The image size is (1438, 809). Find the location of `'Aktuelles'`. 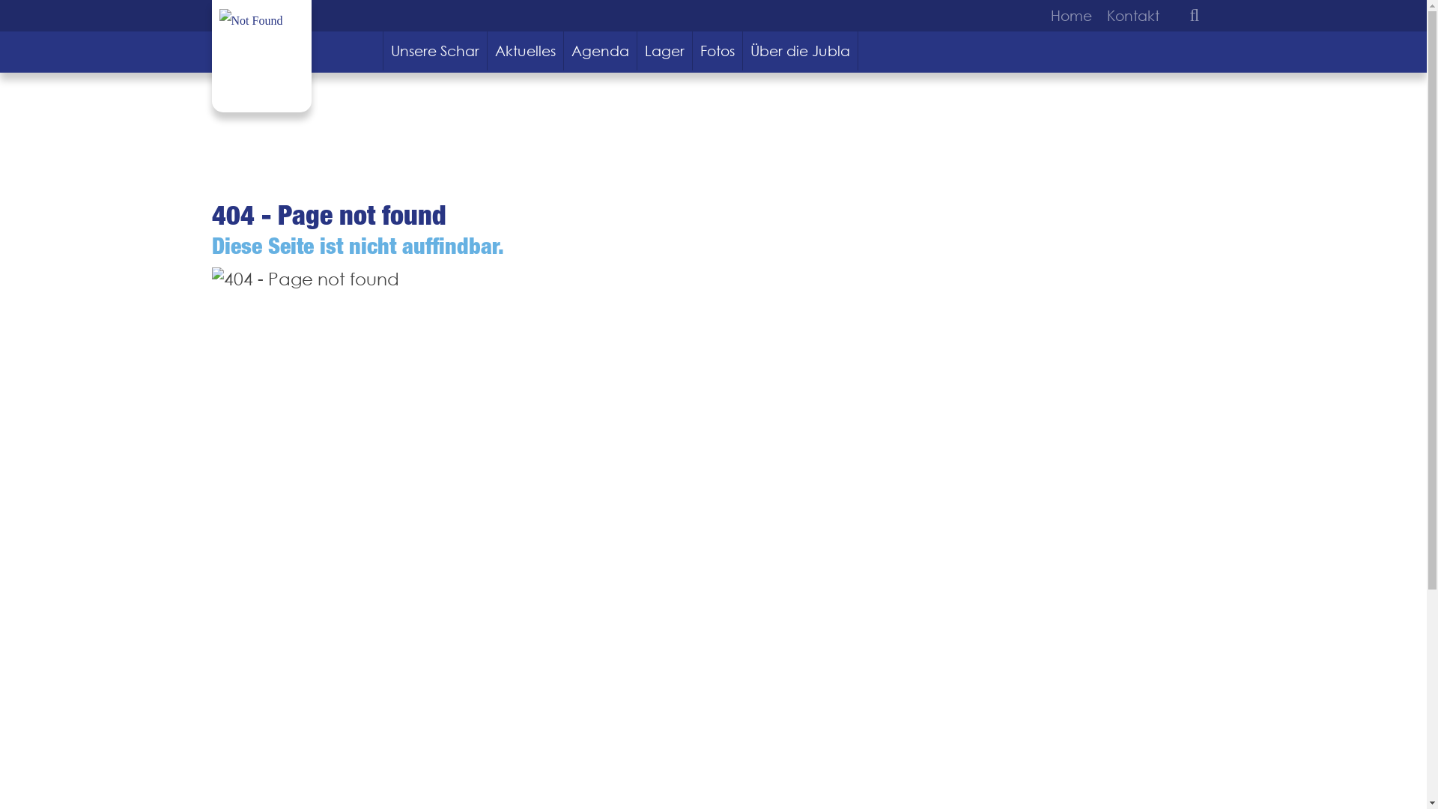

'Aktuelles' is located at coordinates (525, 50).